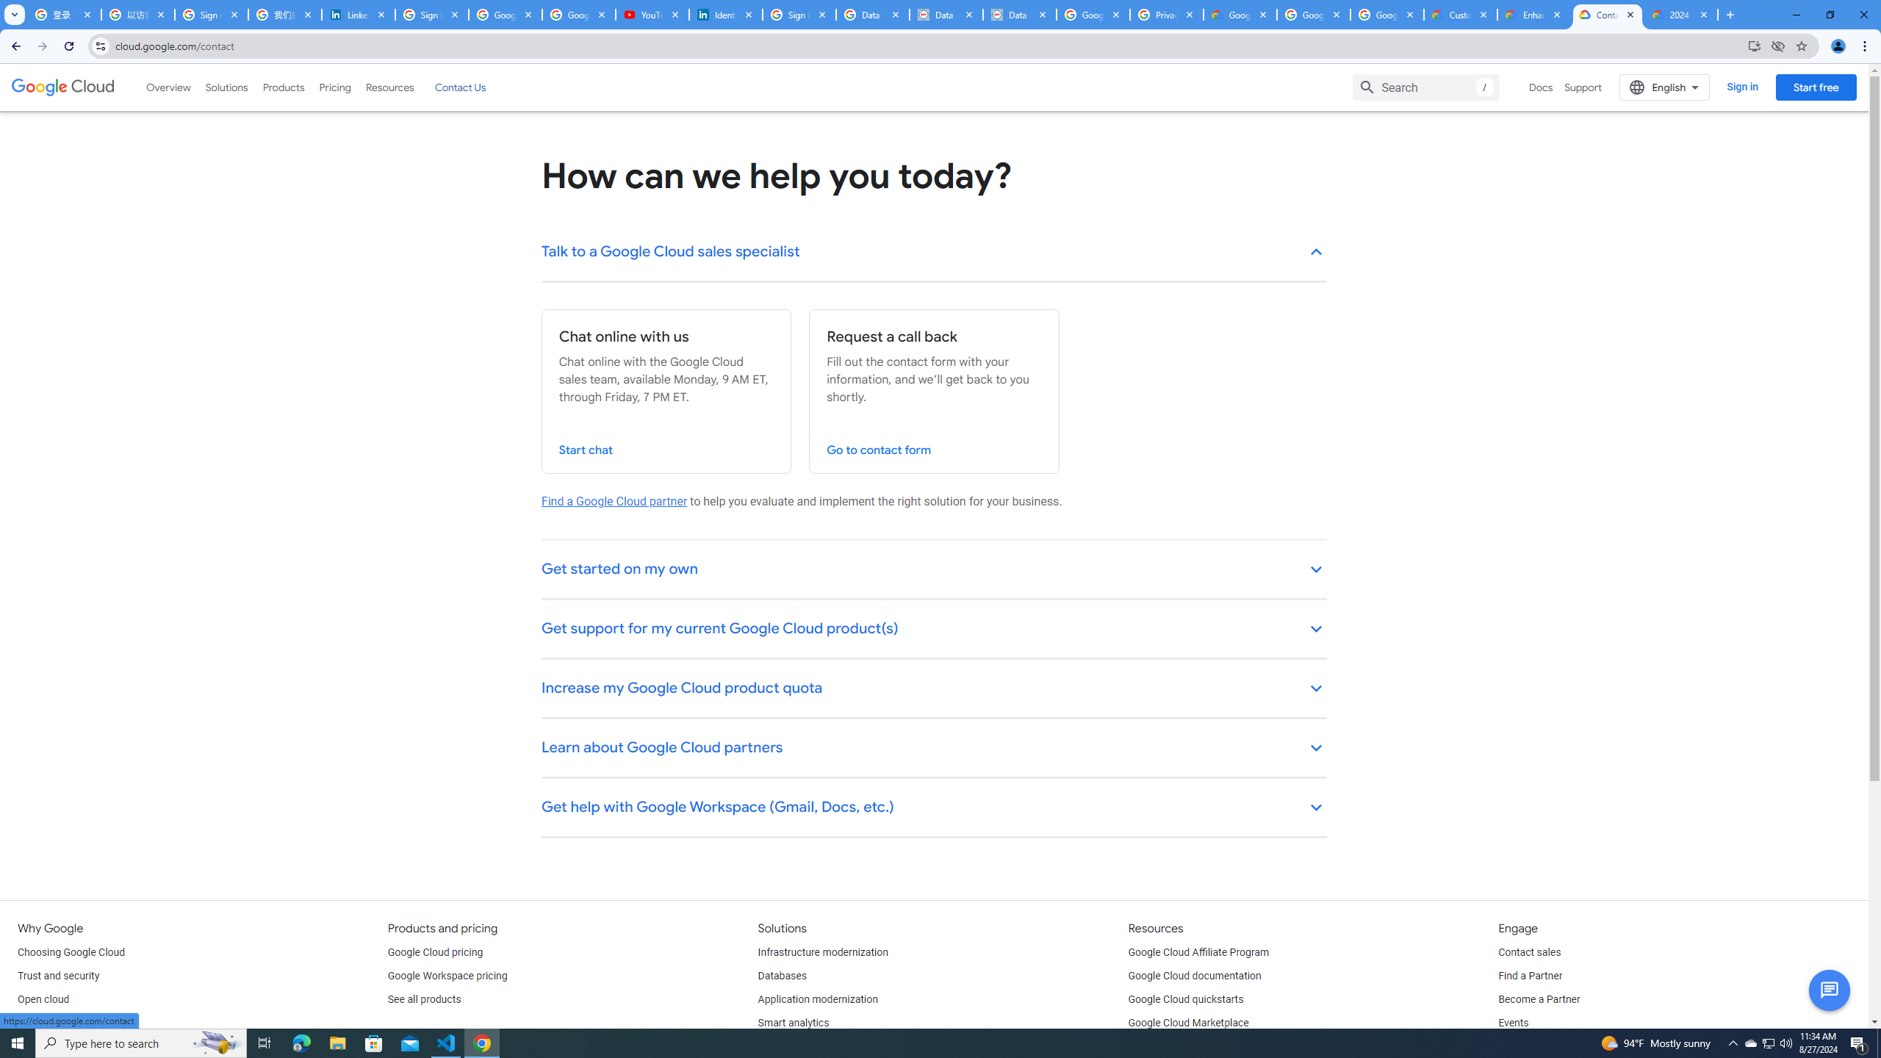  I want to click on 'Products', so click(282, 87).